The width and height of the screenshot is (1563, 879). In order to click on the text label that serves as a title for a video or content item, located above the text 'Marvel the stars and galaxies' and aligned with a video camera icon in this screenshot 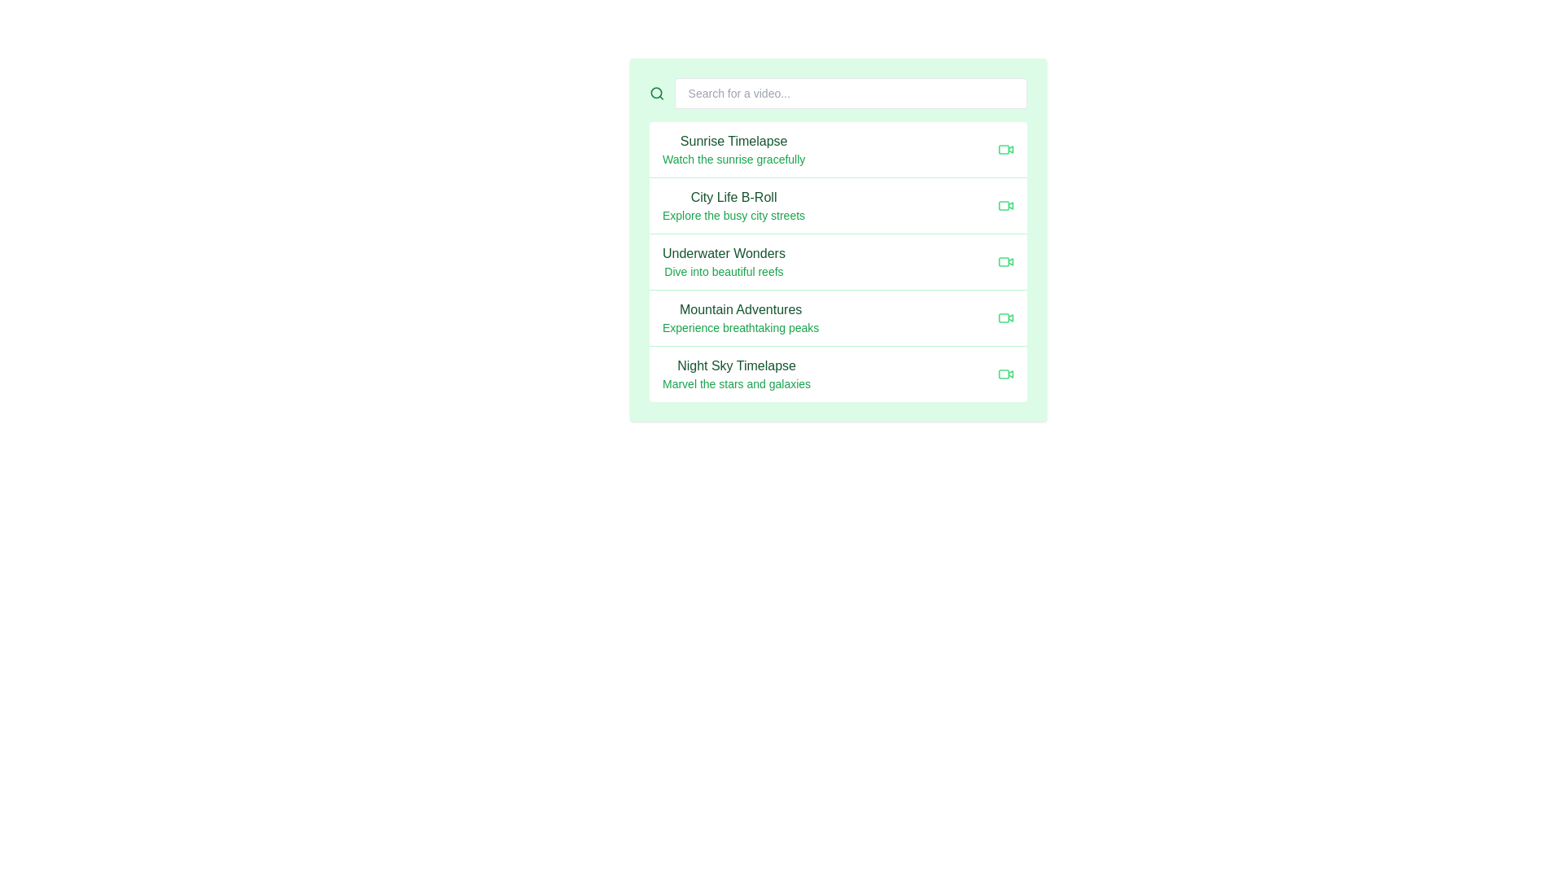, I will do `click(736, 366)`.